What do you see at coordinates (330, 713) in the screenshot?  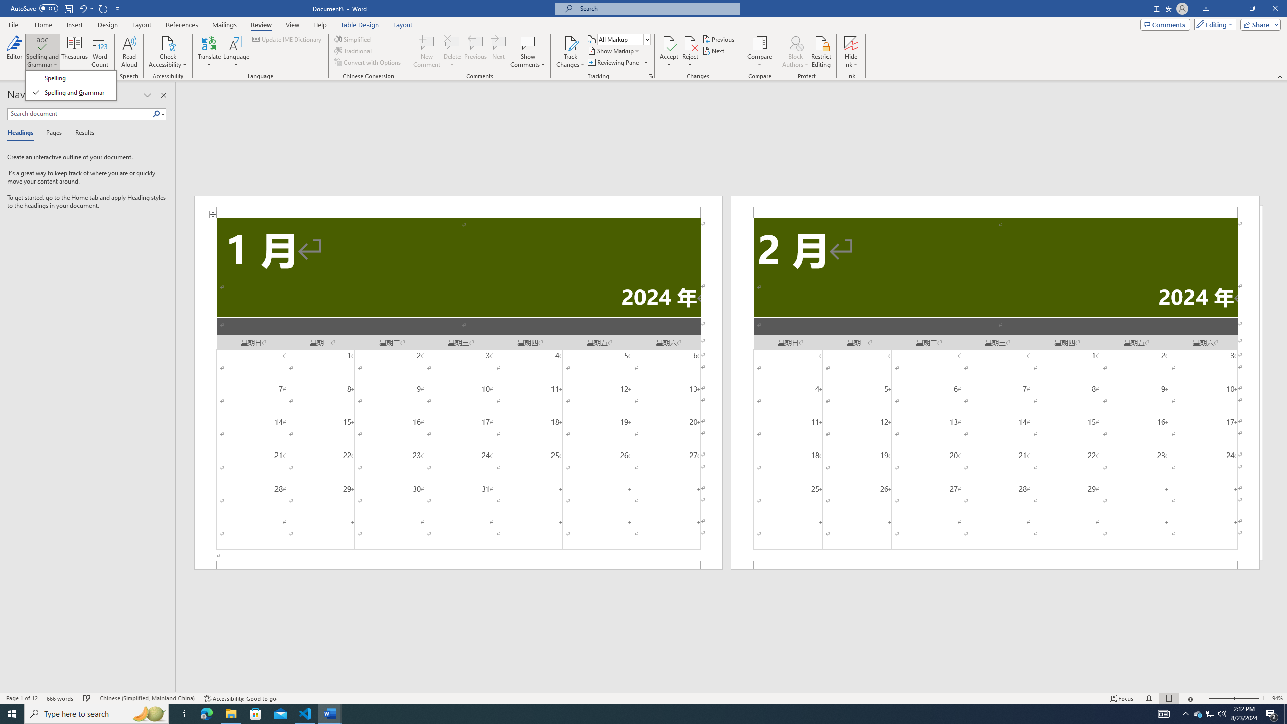 I see `'Word - 2 running windows'` at bounding box center [330, 713].